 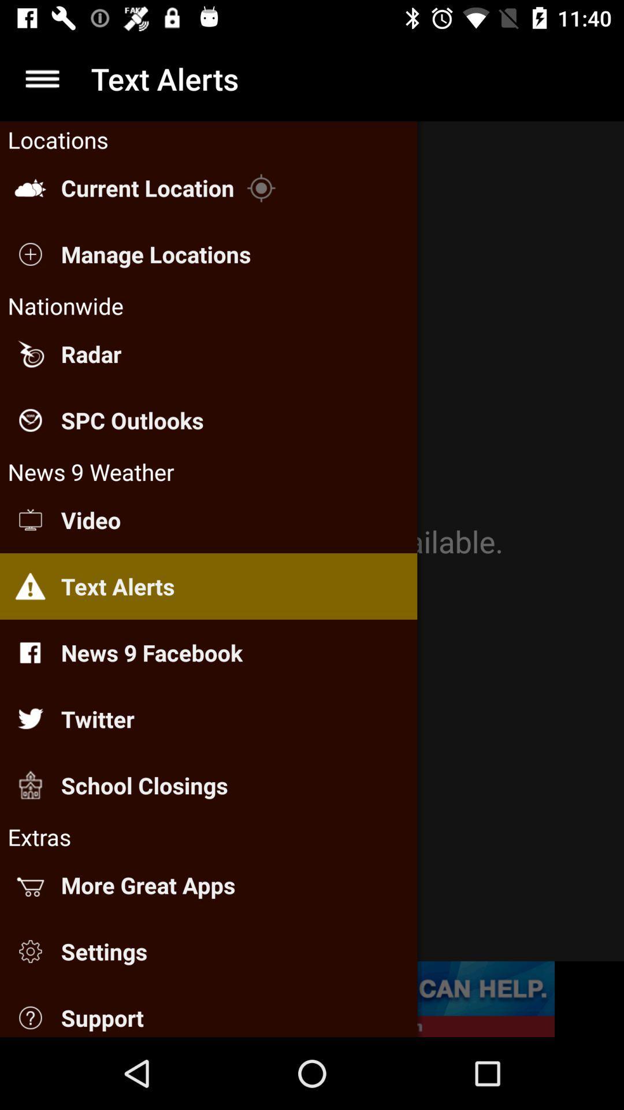 What do you see at coordinates (42, 78) in the screenshot?
I see `the menu icon` at bounding box center [42, 78].